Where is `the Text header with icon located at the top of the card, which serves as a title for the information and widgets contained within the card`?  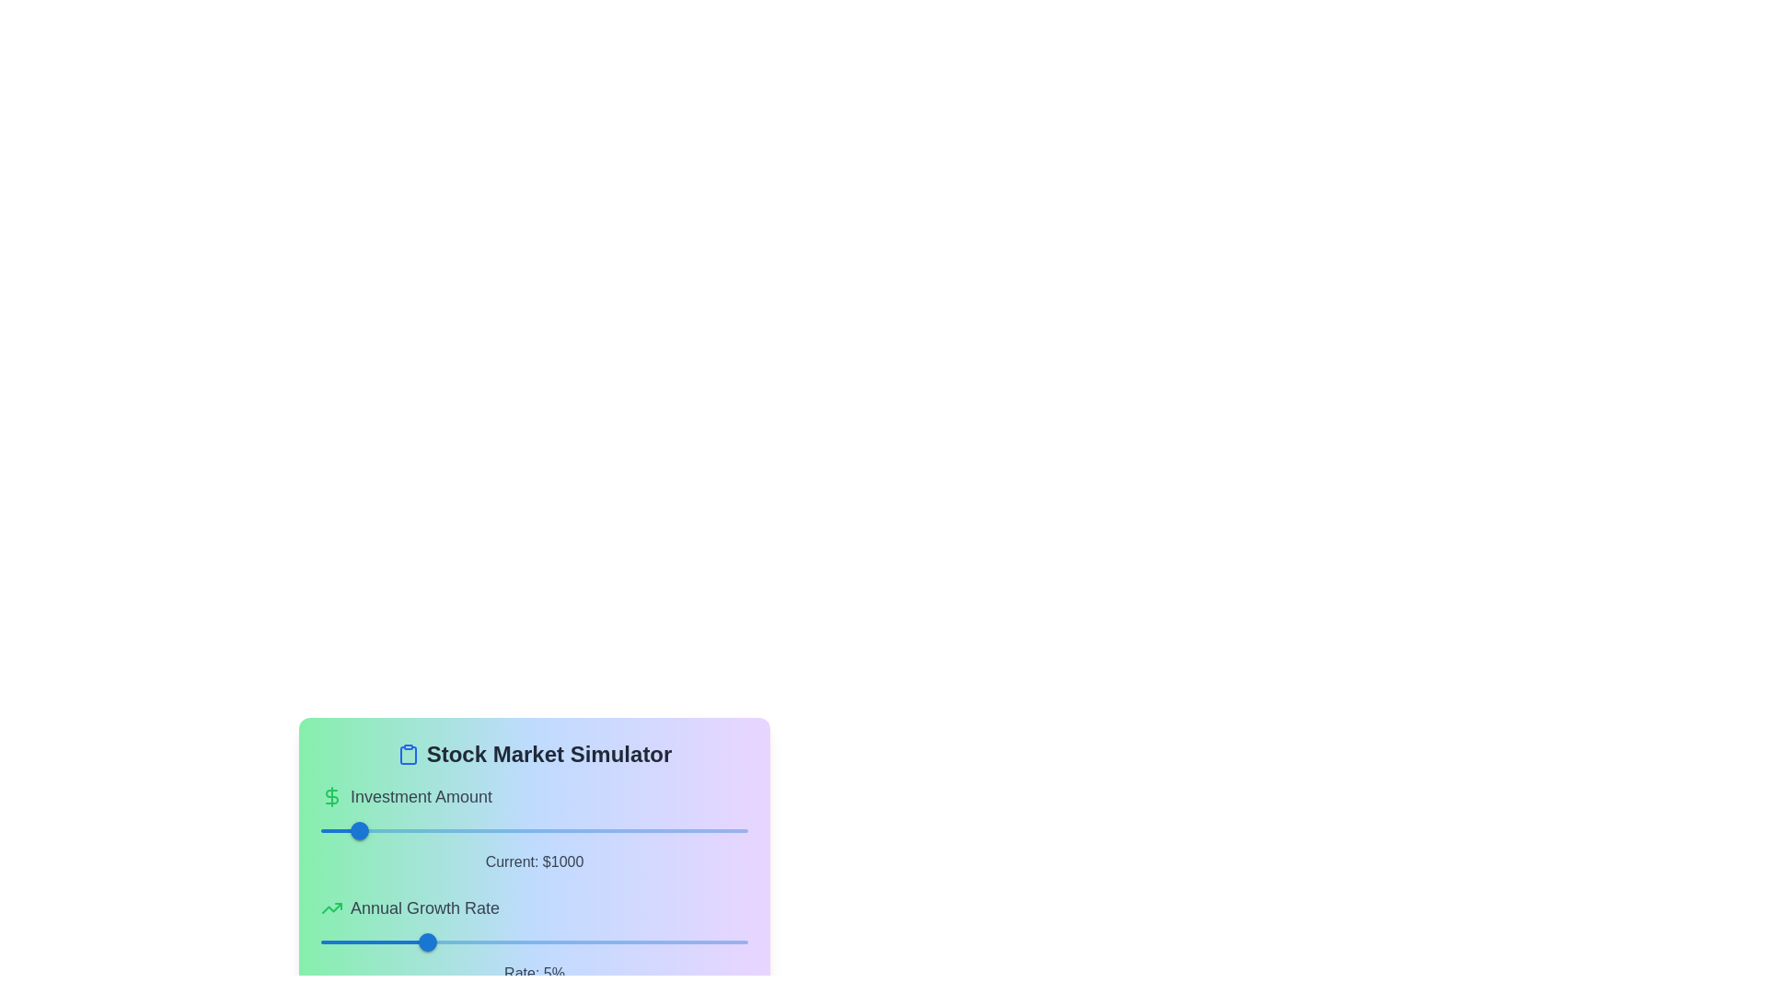 the Text header with icon located at the top of the card, which serves as a title for the information and widgets contained within the card is located at coordinates (533, 755).